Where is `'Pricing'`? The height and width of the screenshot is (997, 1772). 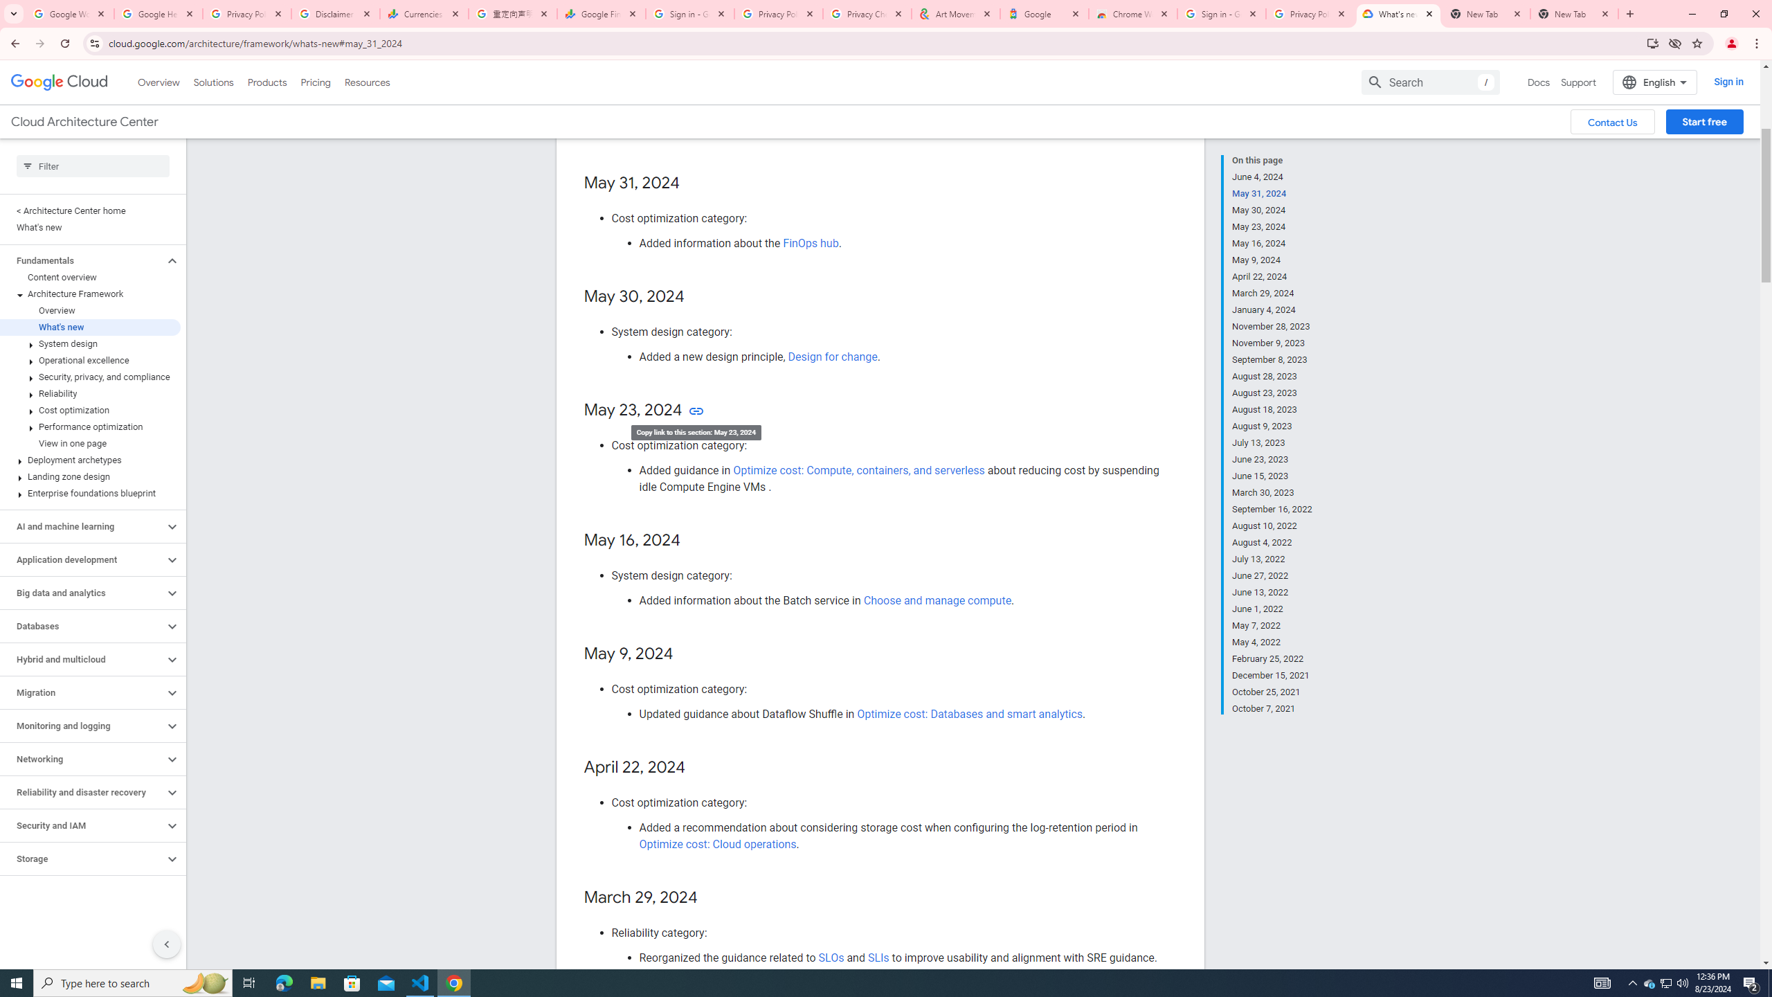
'Pricing' is located at coordinates (316, 82).